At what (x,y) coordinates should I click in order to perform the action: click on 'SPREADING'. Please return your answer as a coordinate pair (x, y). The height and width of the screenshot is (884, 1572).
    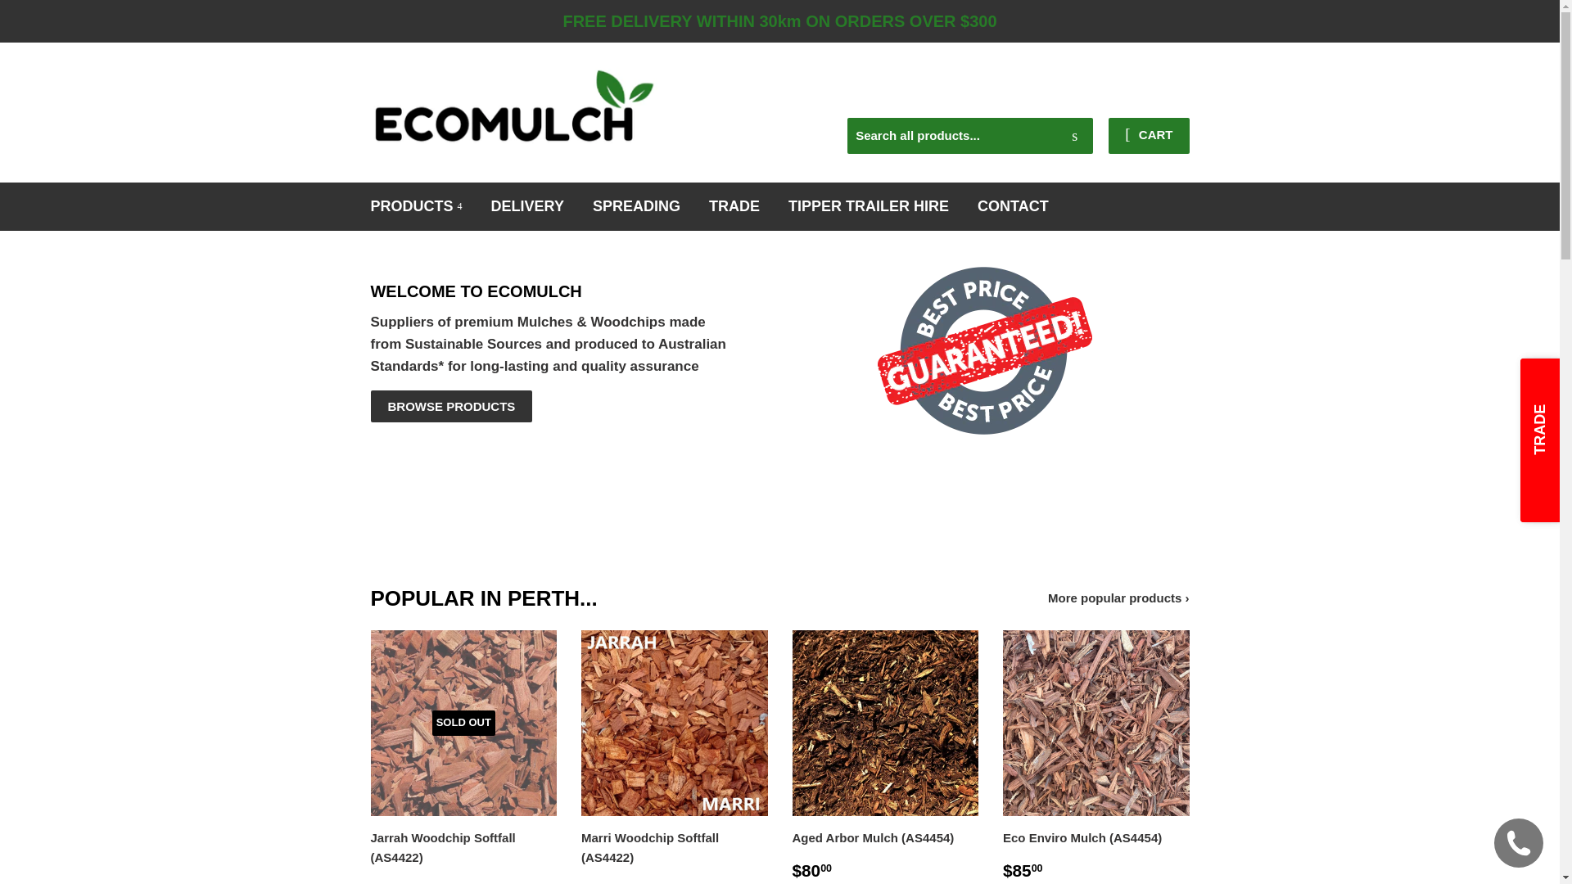
    Looking at the image, I should click on (635, 205).